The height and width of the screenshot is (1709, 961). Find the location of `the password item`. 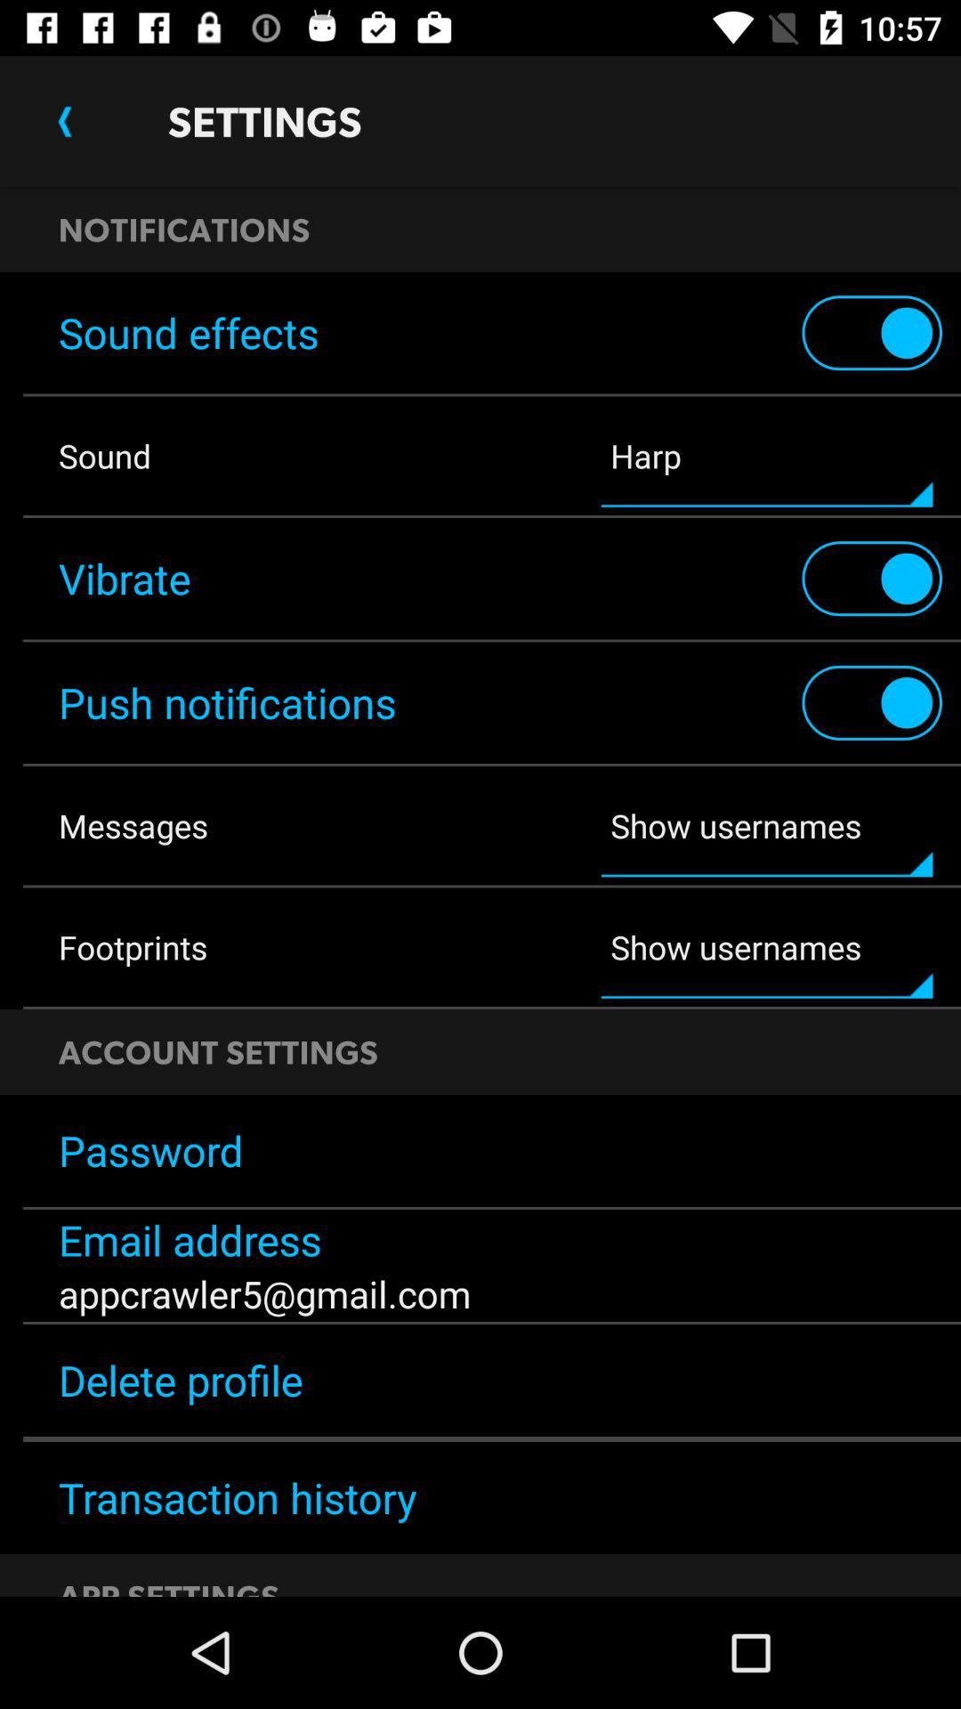

the password item is located at coordinates (480, 1150).